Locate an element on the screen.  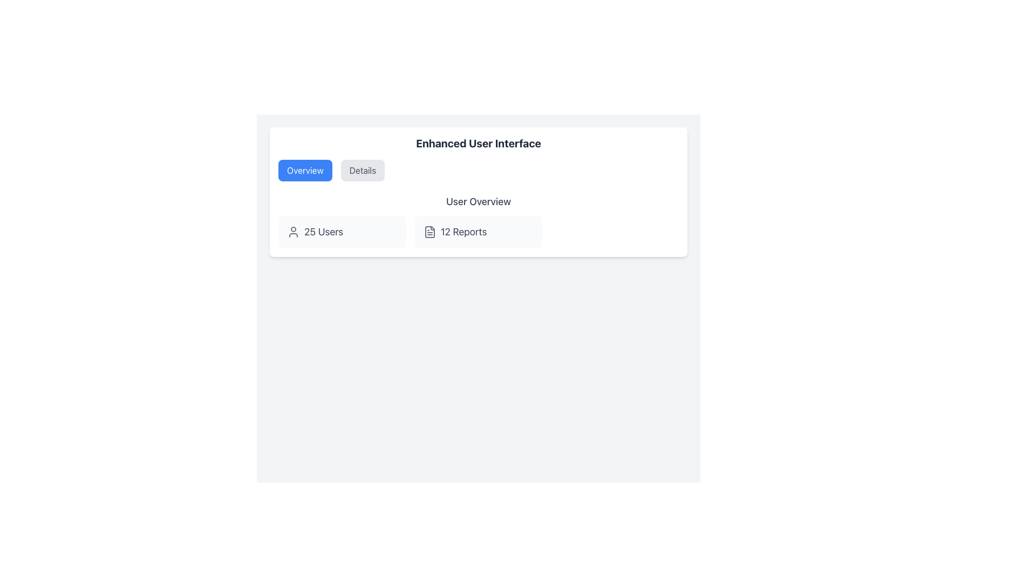
the '12 Reports' text label for navigation, which is styled with a larger gray font and located within a card in the 'User Overview' section is located at coordinates (464, 231).